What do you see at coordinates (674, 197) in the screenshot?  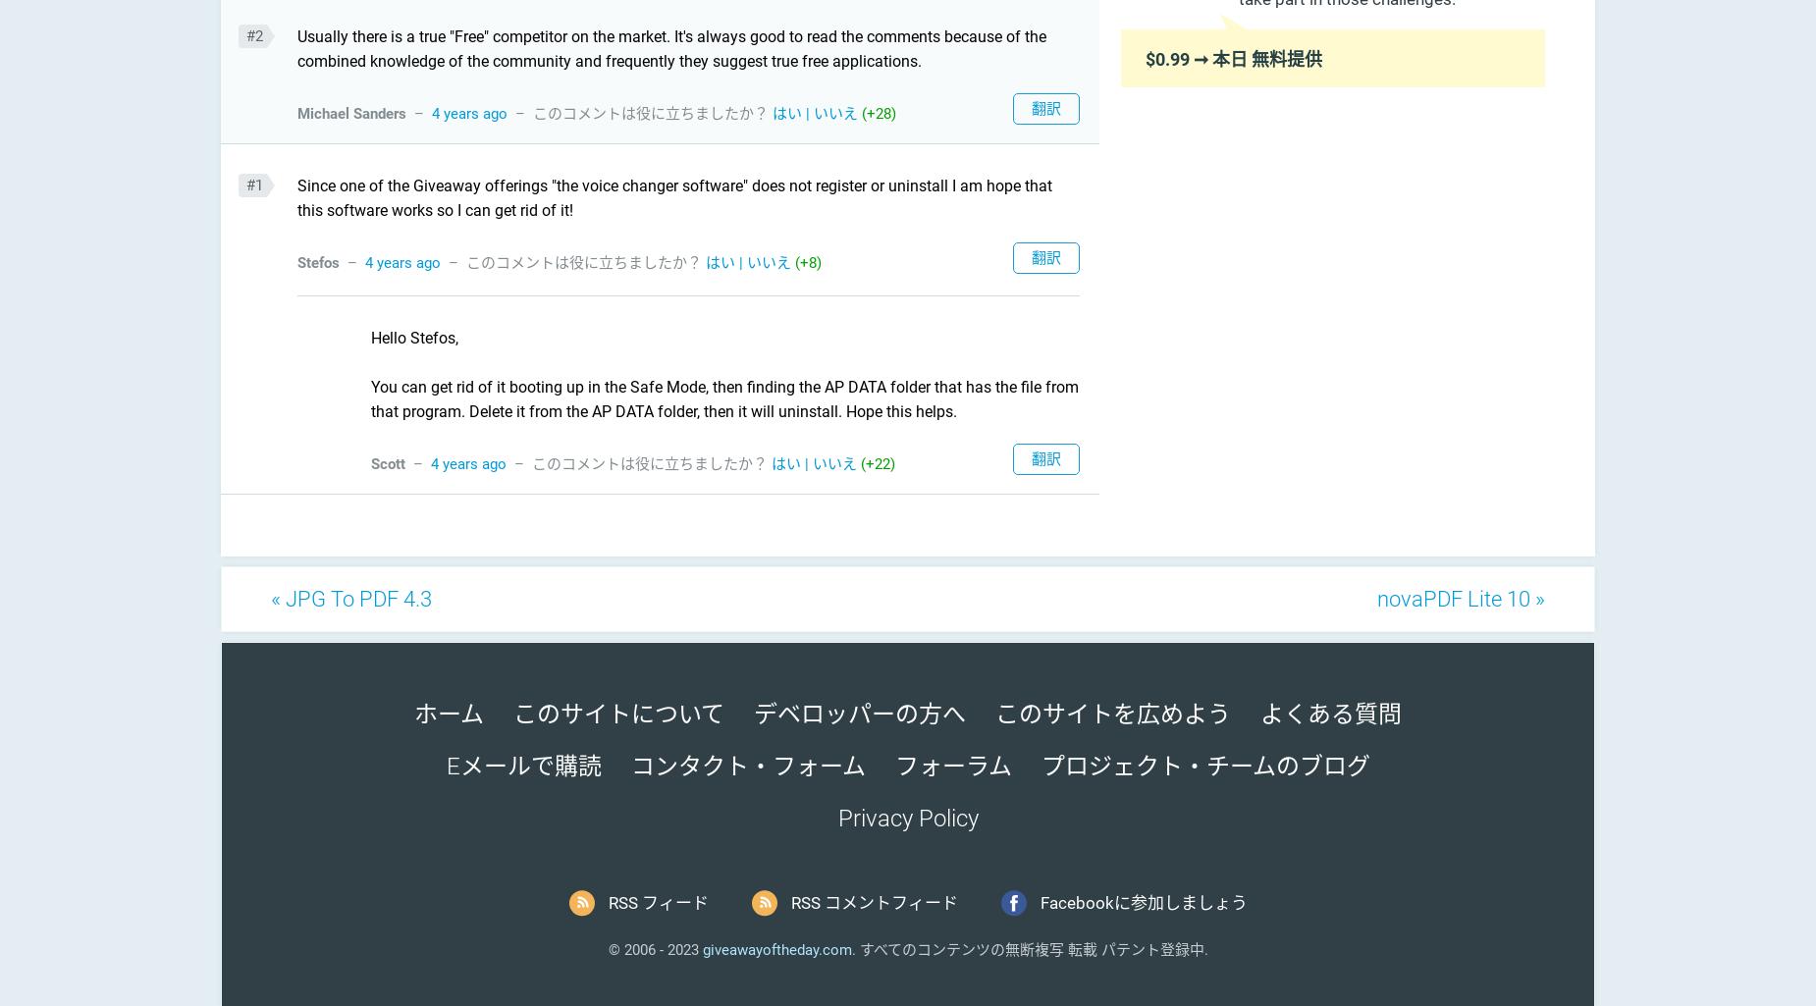 I see `'Since one of the Giveaway offerings "the voice changer software" does not register or uninstall I am hope that this software works so I can get rid of it!'` at bounding box center [674, 197].